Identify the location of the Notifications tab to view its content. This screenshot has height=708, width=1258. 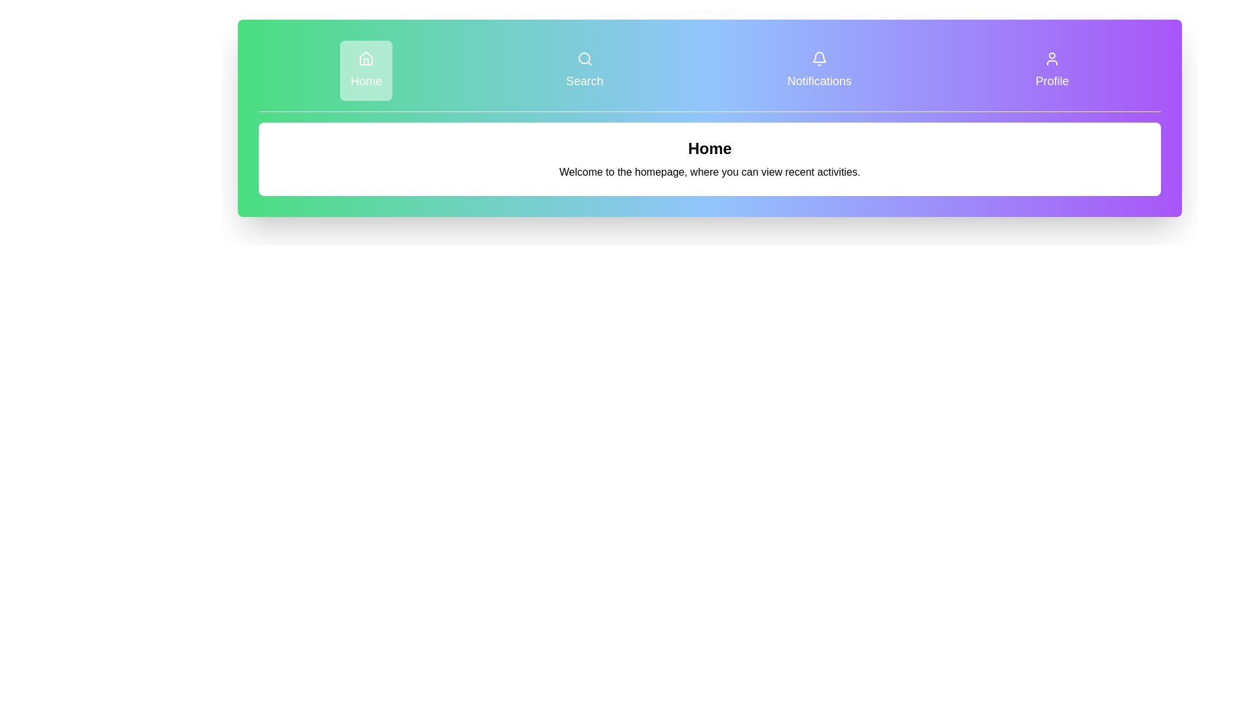
(818, 71).